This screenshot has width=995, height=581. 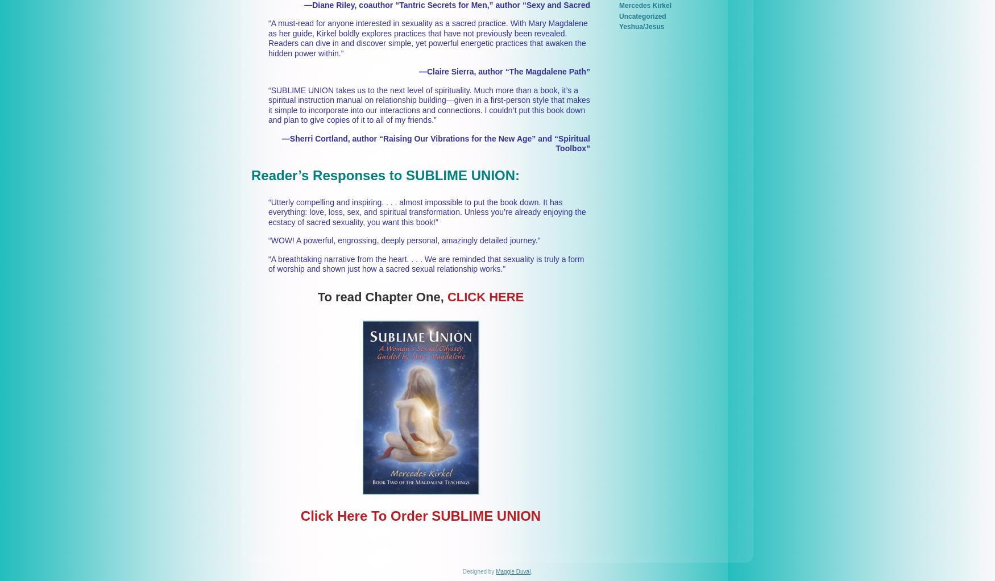 What do you see at coordinates (512, 571) in the screenshot?
I see `'Maggie Duval'` at bounding box center [512, 571].